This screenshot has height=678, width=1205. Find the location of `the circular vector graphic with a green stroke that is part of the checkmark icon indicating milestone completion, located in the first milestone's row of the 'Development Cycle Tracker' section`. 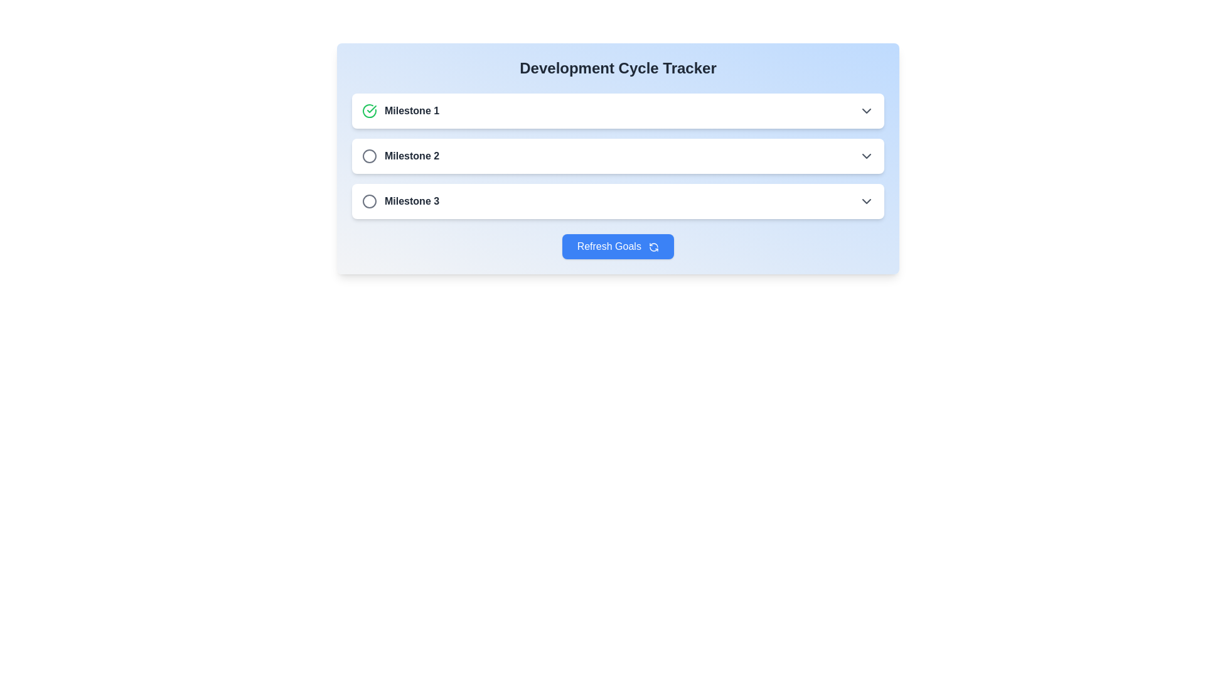

the circular vector graphic with a green stroke that is part of the checkmark icon indicating milestone completion, located in the first milestone's row of the 'Development Cycle Tracker' section is located at coordinates (369, 110).